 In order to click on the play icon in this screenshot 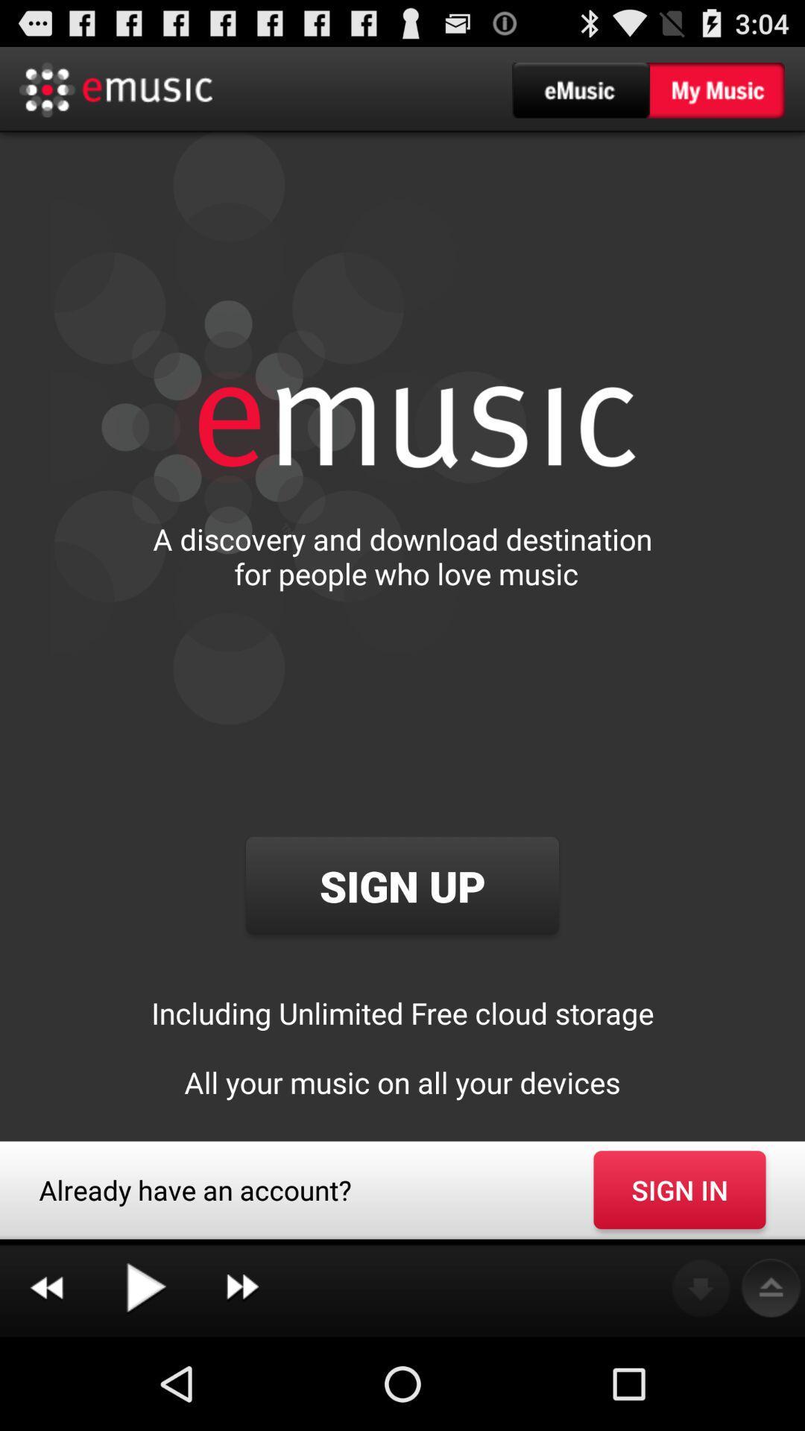, I will do `click(145, 1378)`.